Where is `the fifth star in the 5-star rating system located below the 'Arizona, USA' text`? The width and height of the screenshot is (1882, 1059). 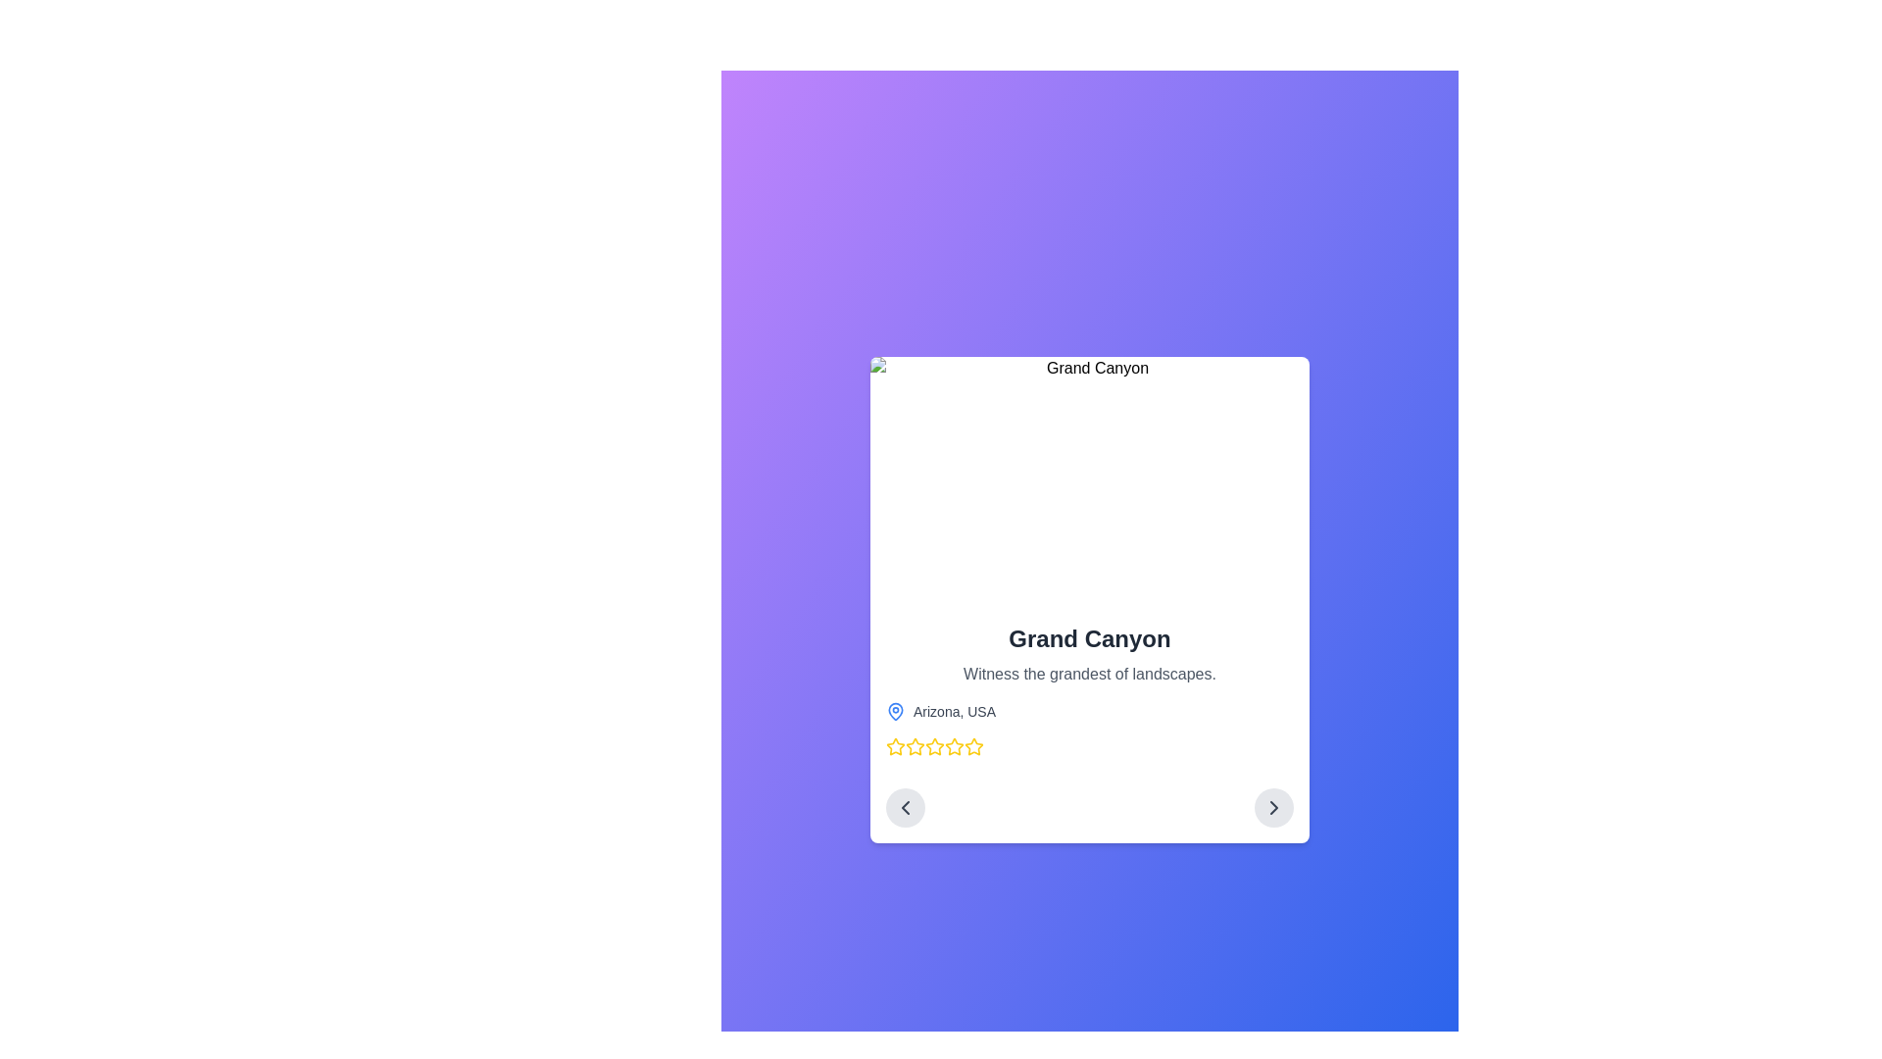 the fifth star in the 5-star rating system located below the 'Arizona, USA' text is located at coordinates (934, 747).